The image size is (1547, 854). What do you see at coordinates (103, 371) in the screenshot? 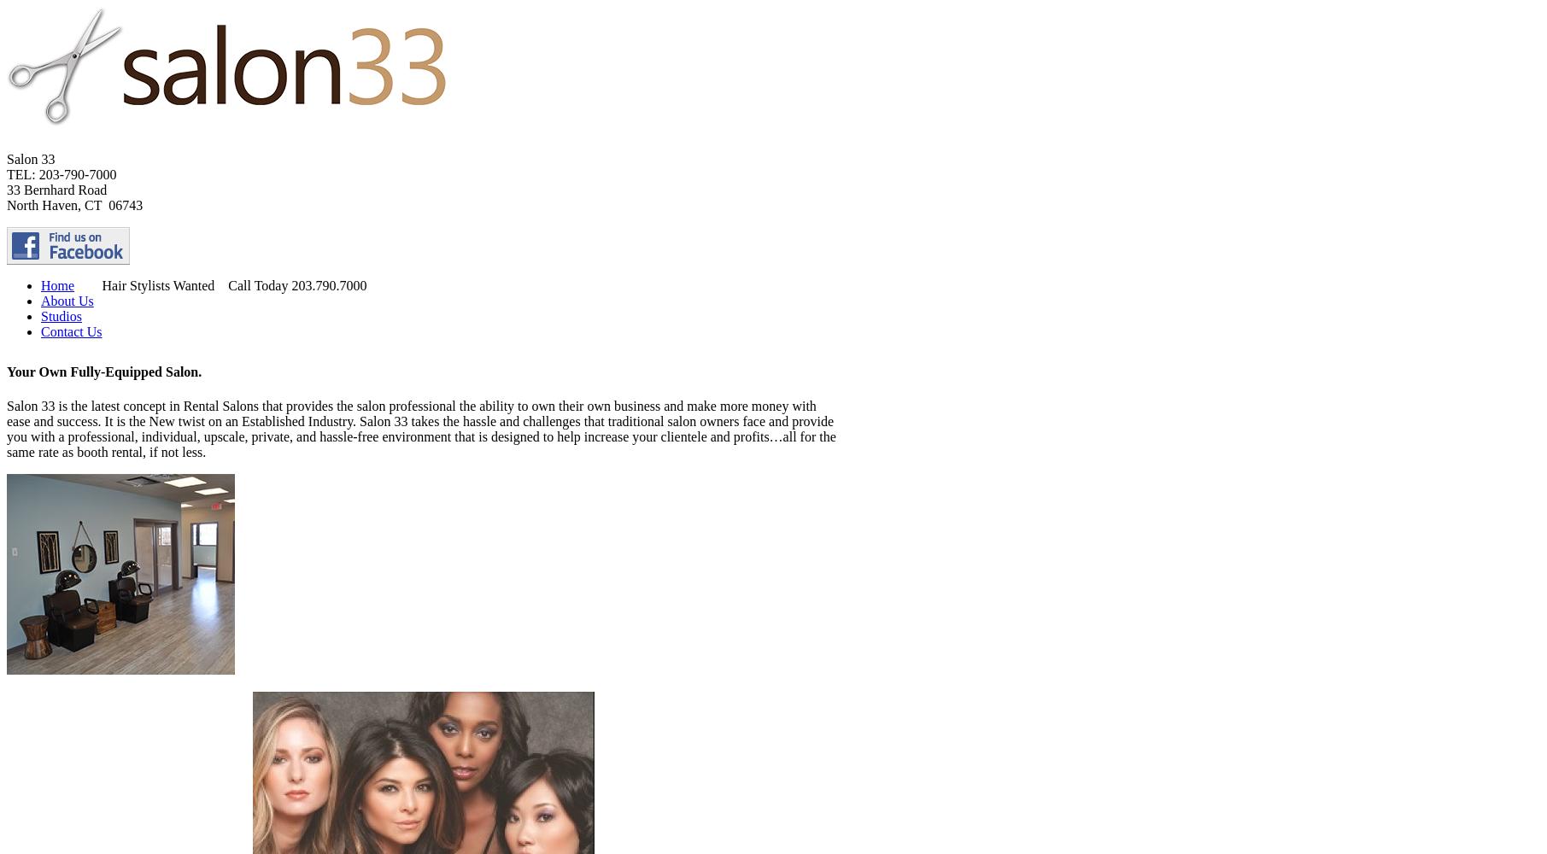
I see `'Your Own Fully-Equipped Salon.'` at bounding box center [103, 371].